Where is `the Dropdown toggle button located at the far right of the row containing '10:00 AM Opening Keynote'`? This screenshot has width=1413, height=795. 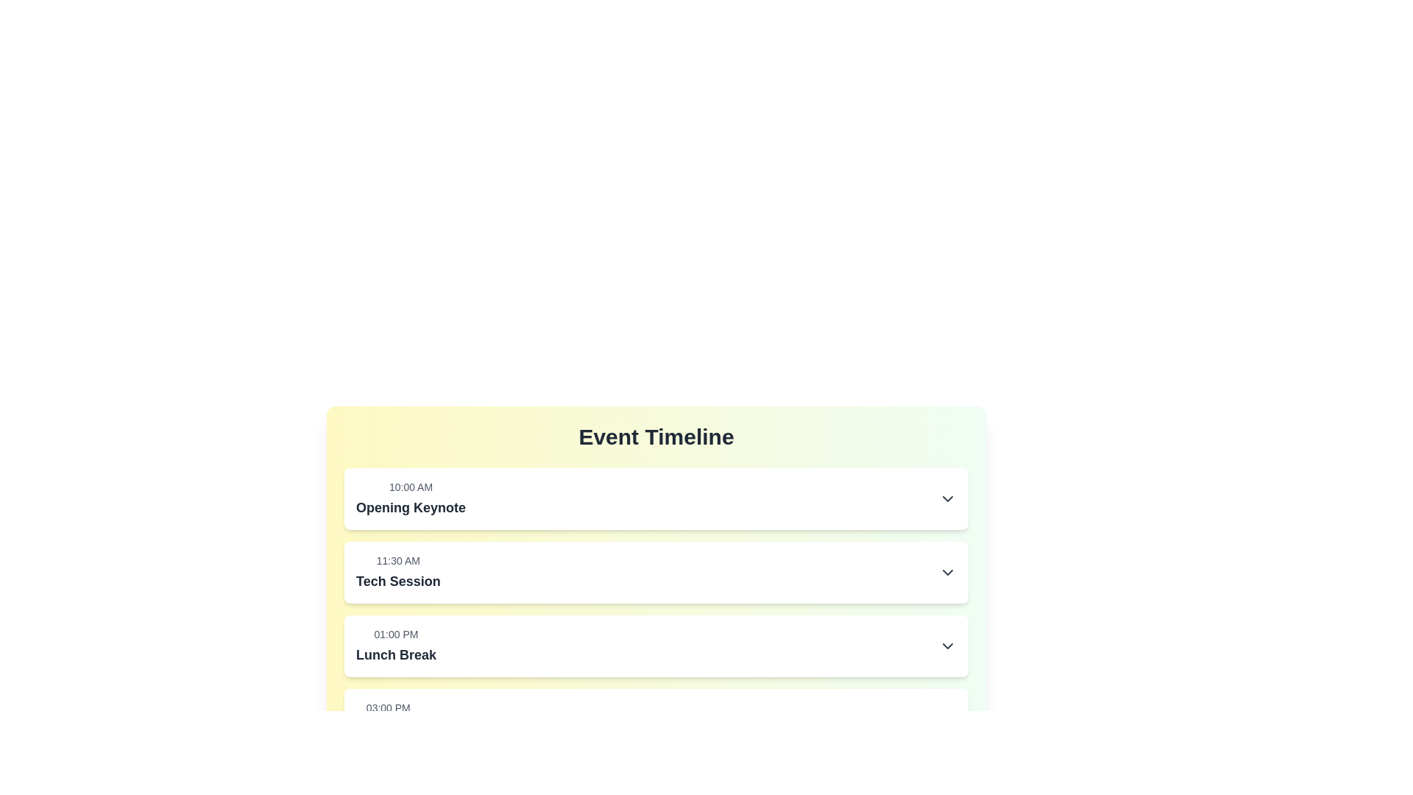
the Dropdown toggle button located at the far right of the row containing '10:00 AM Opening Keynote' is located at coordinates (947, 498).